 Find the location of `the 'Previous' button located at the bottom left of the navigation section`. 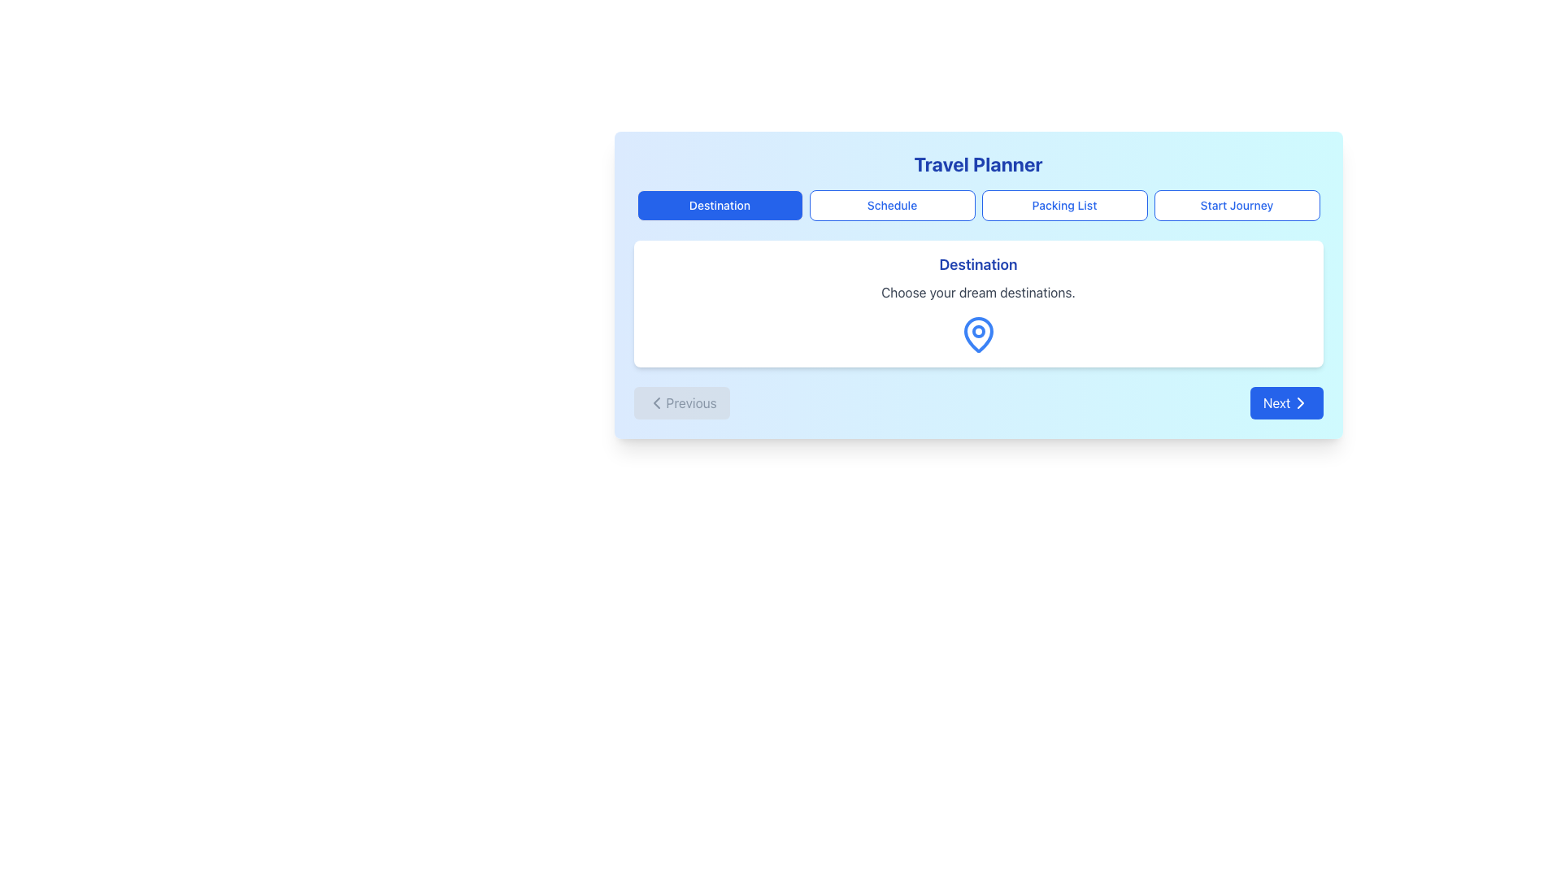

the 'Previous' button located at the bottom left of the navigation section is located at coordinates (681, 402).